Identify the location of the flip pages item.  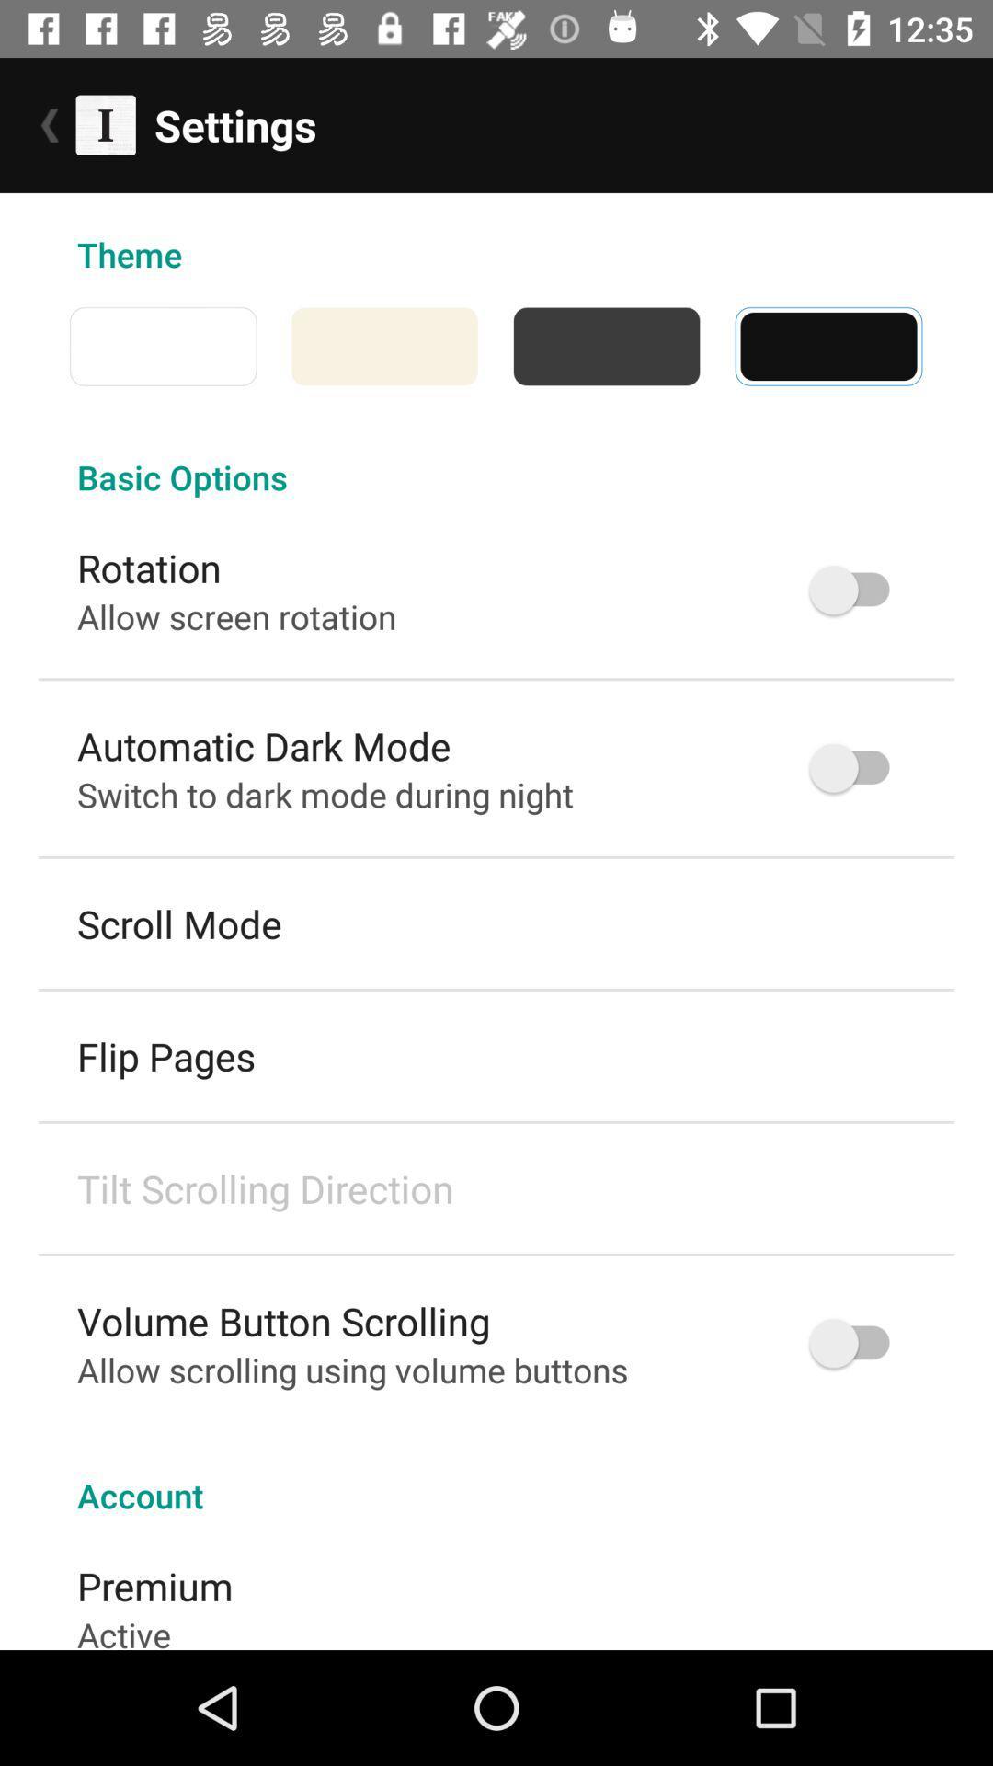
(166, 1056).